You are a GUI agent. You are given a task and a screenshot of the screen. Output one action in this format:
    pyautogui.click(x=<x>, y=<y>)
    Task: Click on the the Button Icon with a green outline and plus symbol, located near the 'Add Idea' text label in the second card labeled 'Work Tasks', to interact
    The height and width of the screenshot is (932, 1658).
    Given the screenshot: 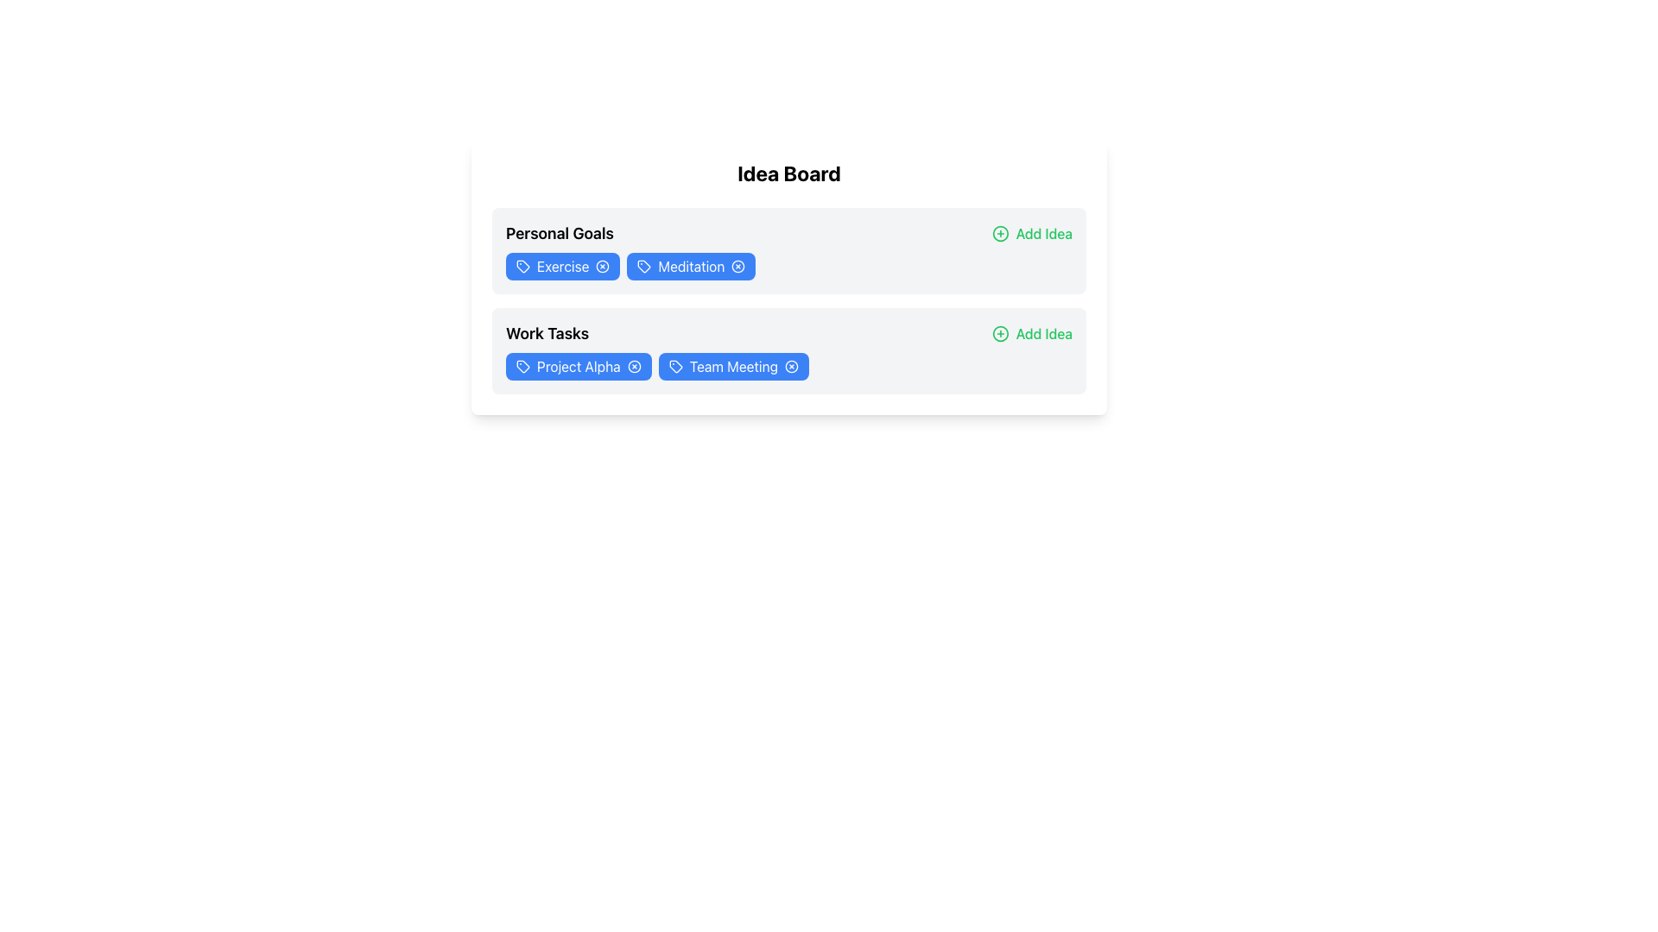 What is the action you would take?
    pyautogui.click(x=1000, y=333)
    